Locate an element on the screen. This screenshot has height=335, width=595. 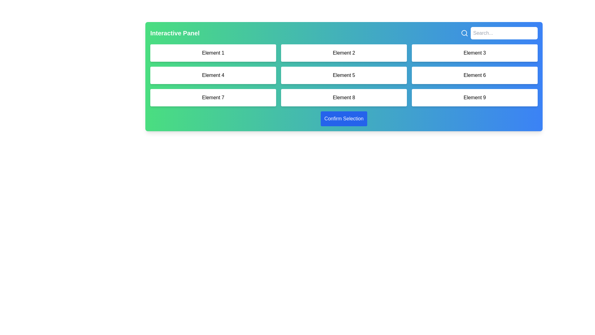
the fifth button in the middle row and center column to interact is located at coordinates (343, 75).